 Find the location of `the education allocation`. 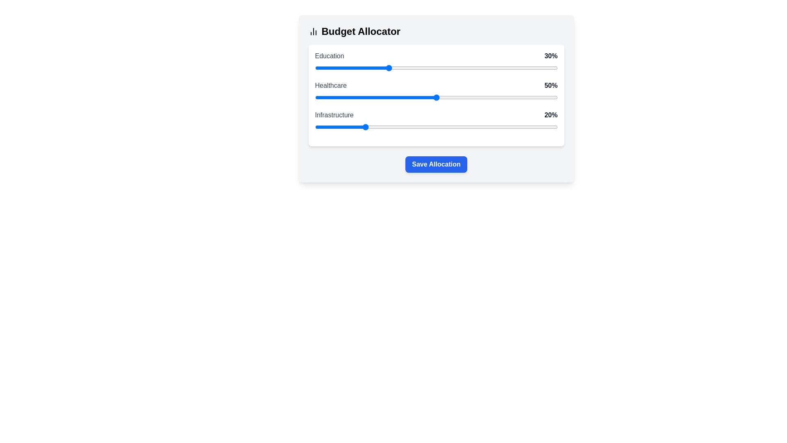

the education allocation is located at coordinates (541, 67).